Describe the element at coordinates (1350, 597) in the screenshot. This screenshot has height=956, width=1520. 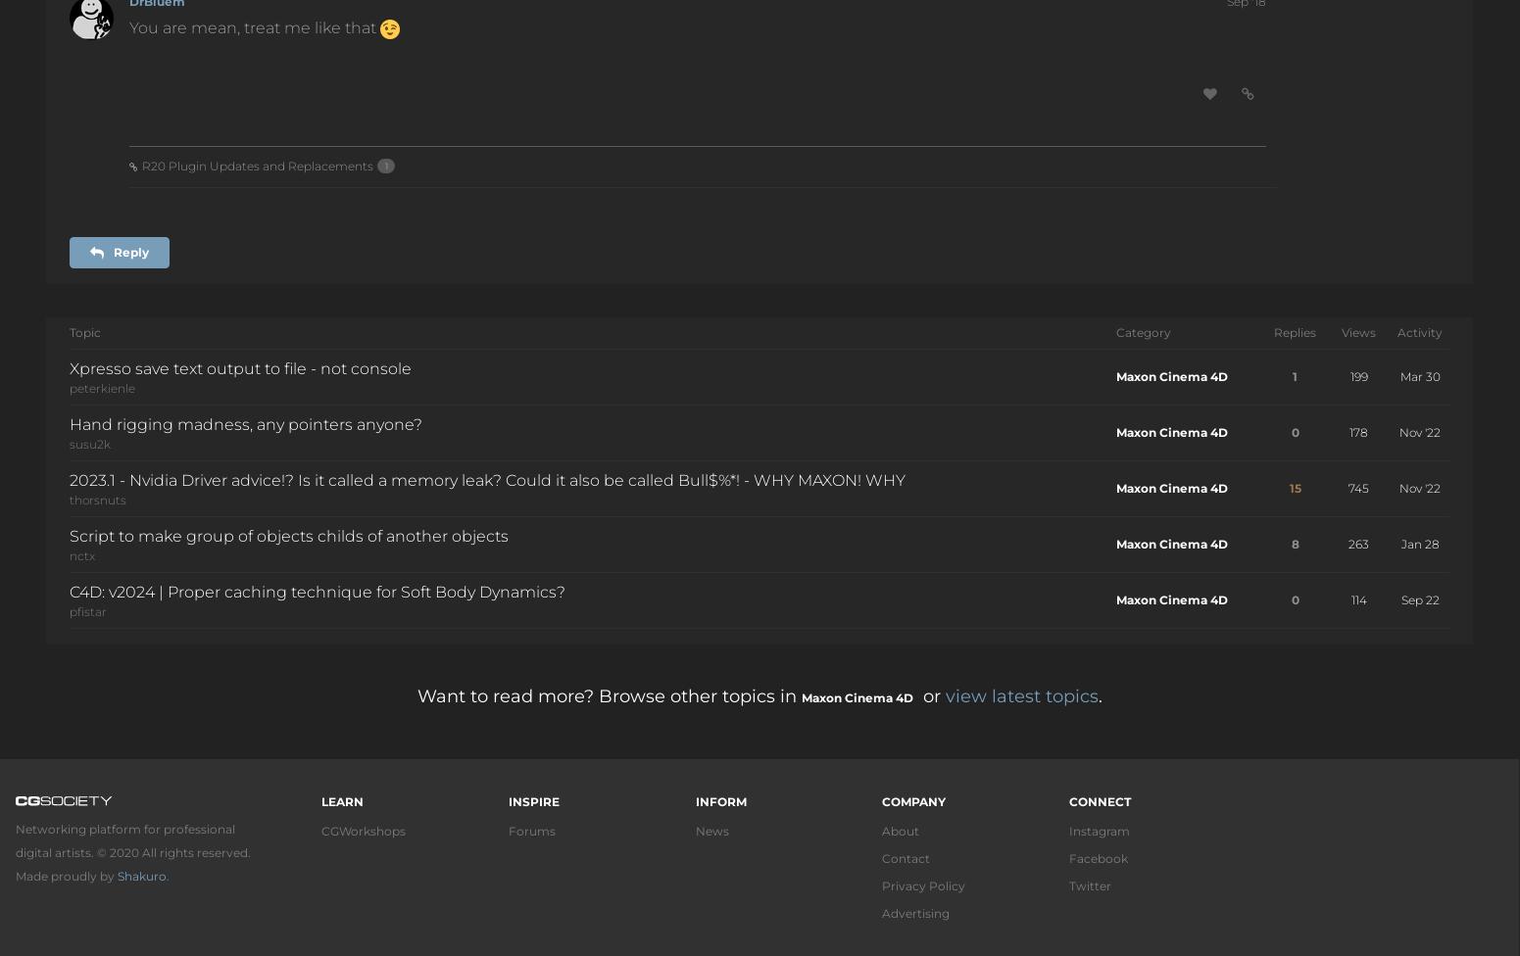
I see `'114'` at that location.